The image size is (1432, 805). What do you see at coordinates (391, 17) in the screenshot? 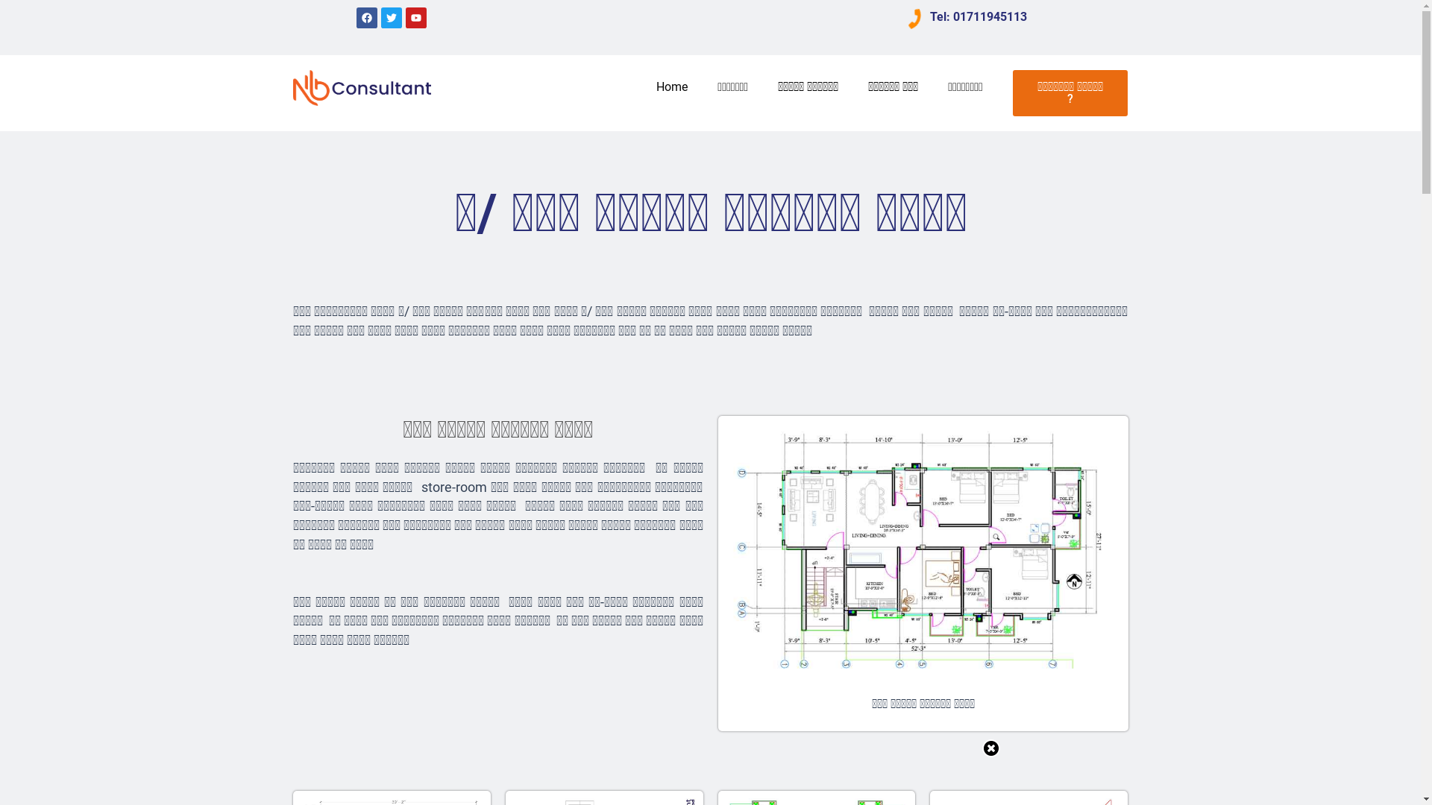
I see `'Twitter'` at bounding box center [391, 17].